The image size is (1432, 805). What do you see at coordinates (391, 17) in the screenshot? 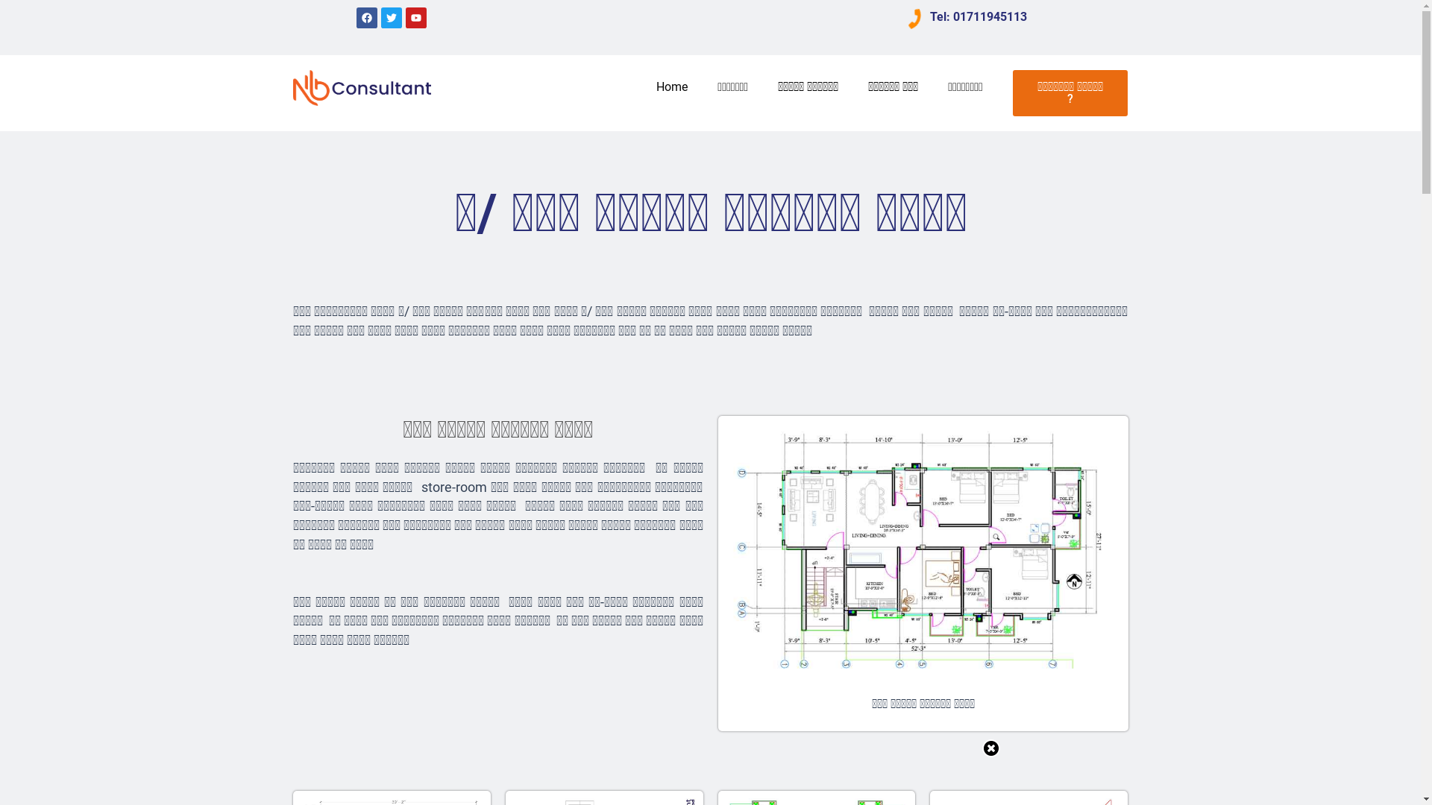
I see `'Twitter'` at bounding box center [391, 17].